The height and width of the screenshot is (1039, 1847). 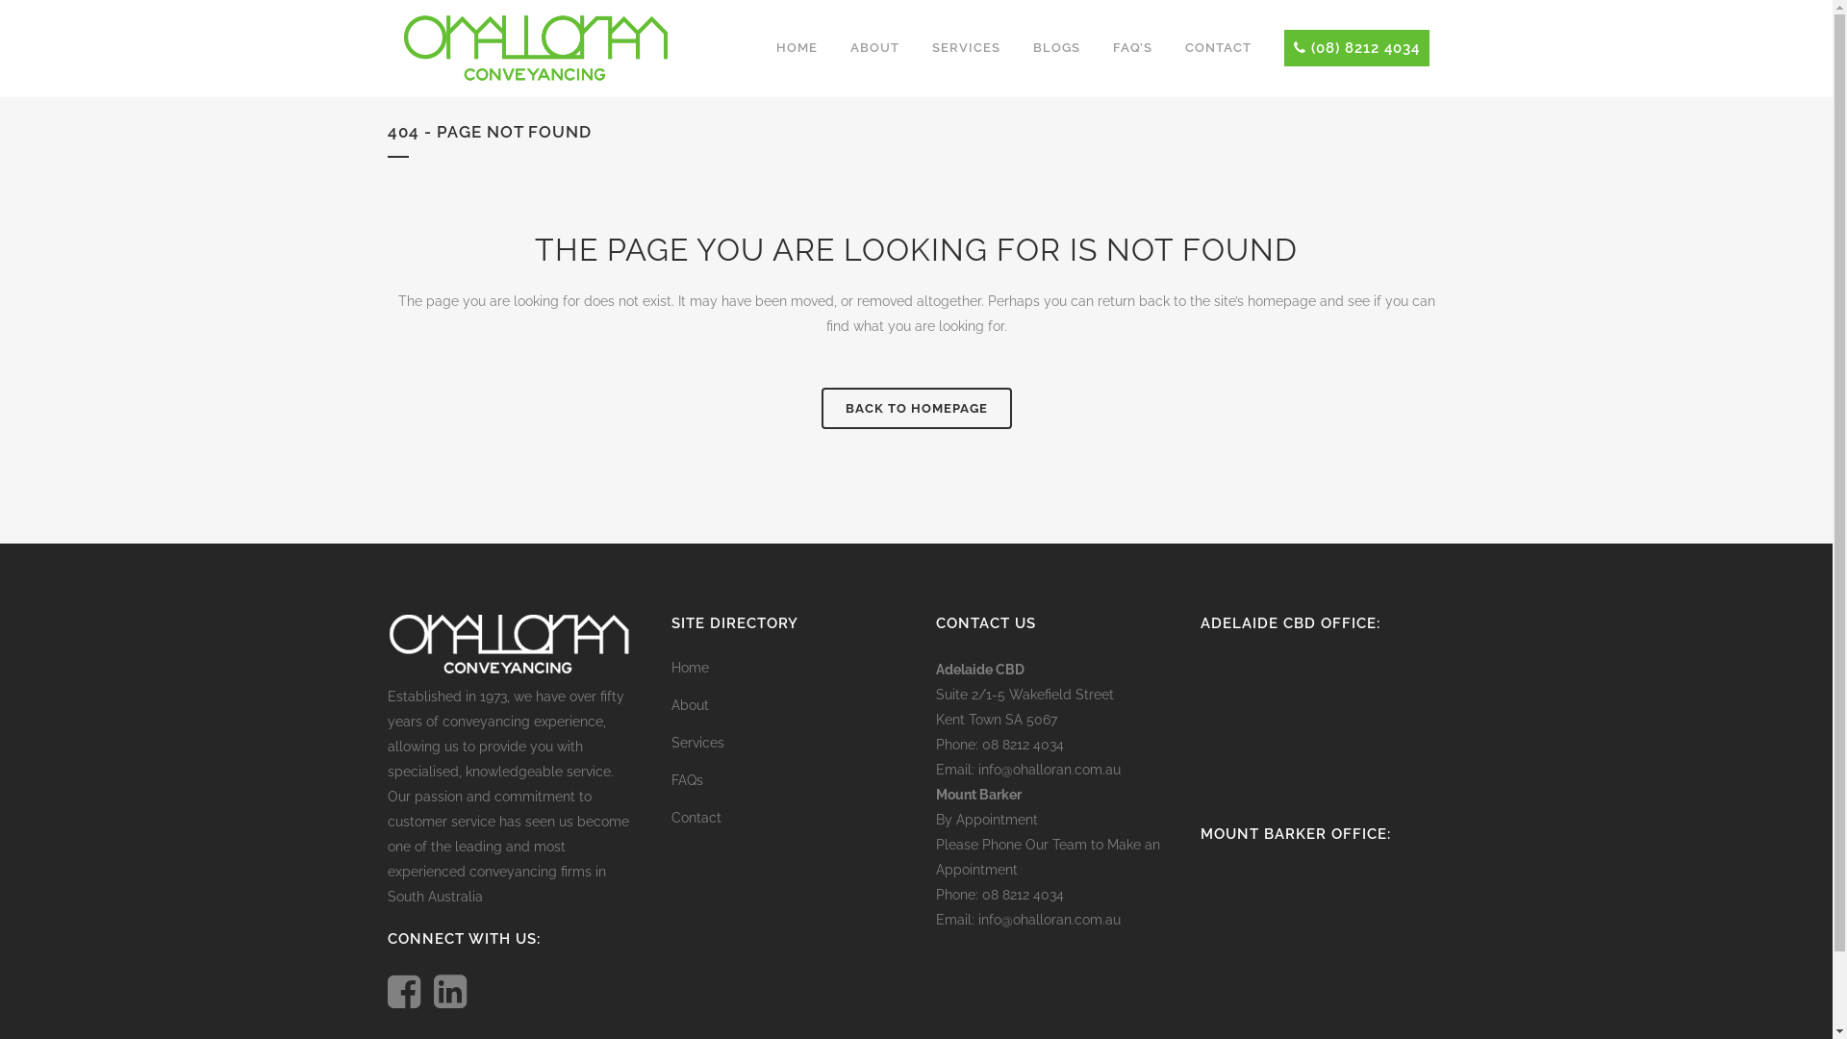 I want to click on 'SERVICES', so click(x=966, y=47).